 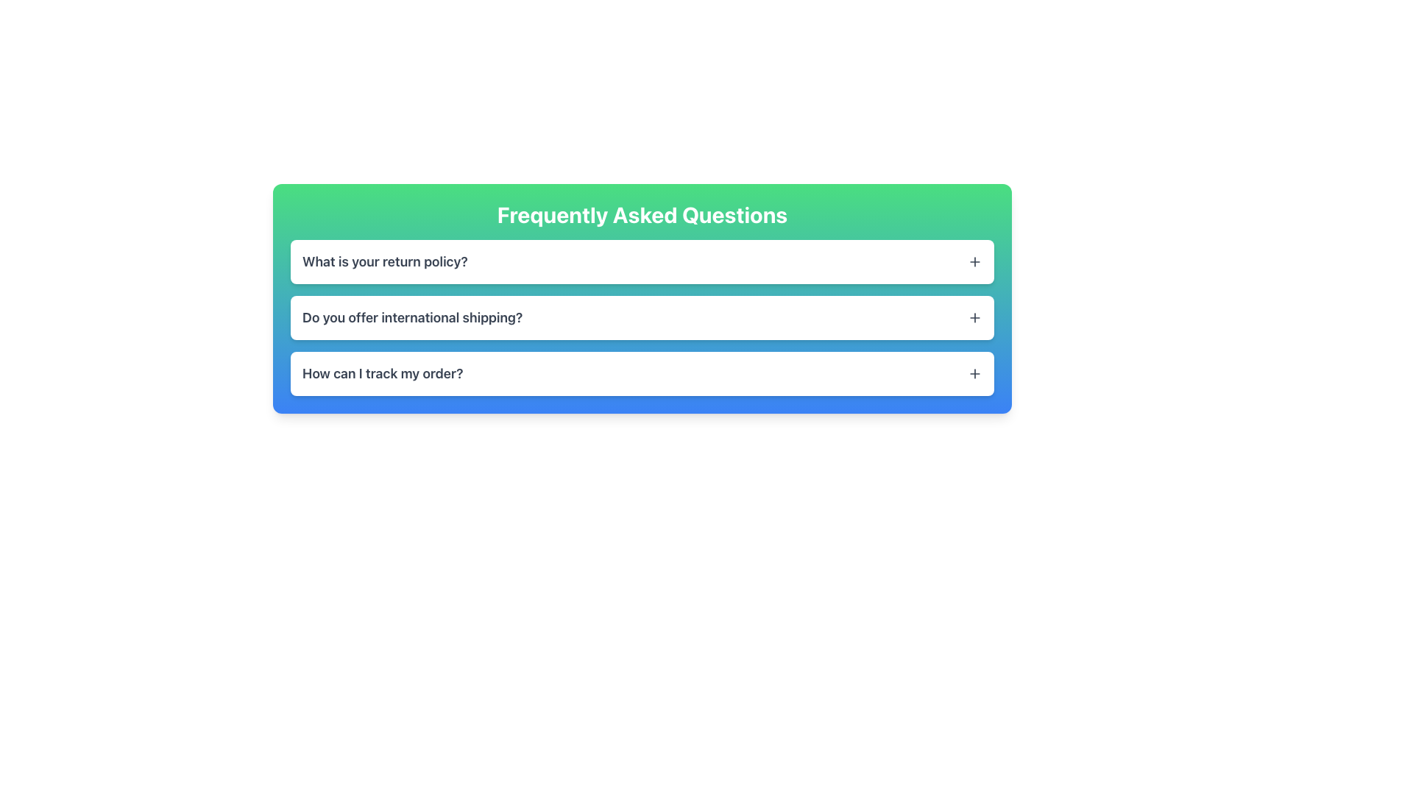 I want to click on the compact plus sign button located in the FAQ section labeled 'Do you offer international shipping?', which is aligned to the far right of the card, so click(x=974, y=317).